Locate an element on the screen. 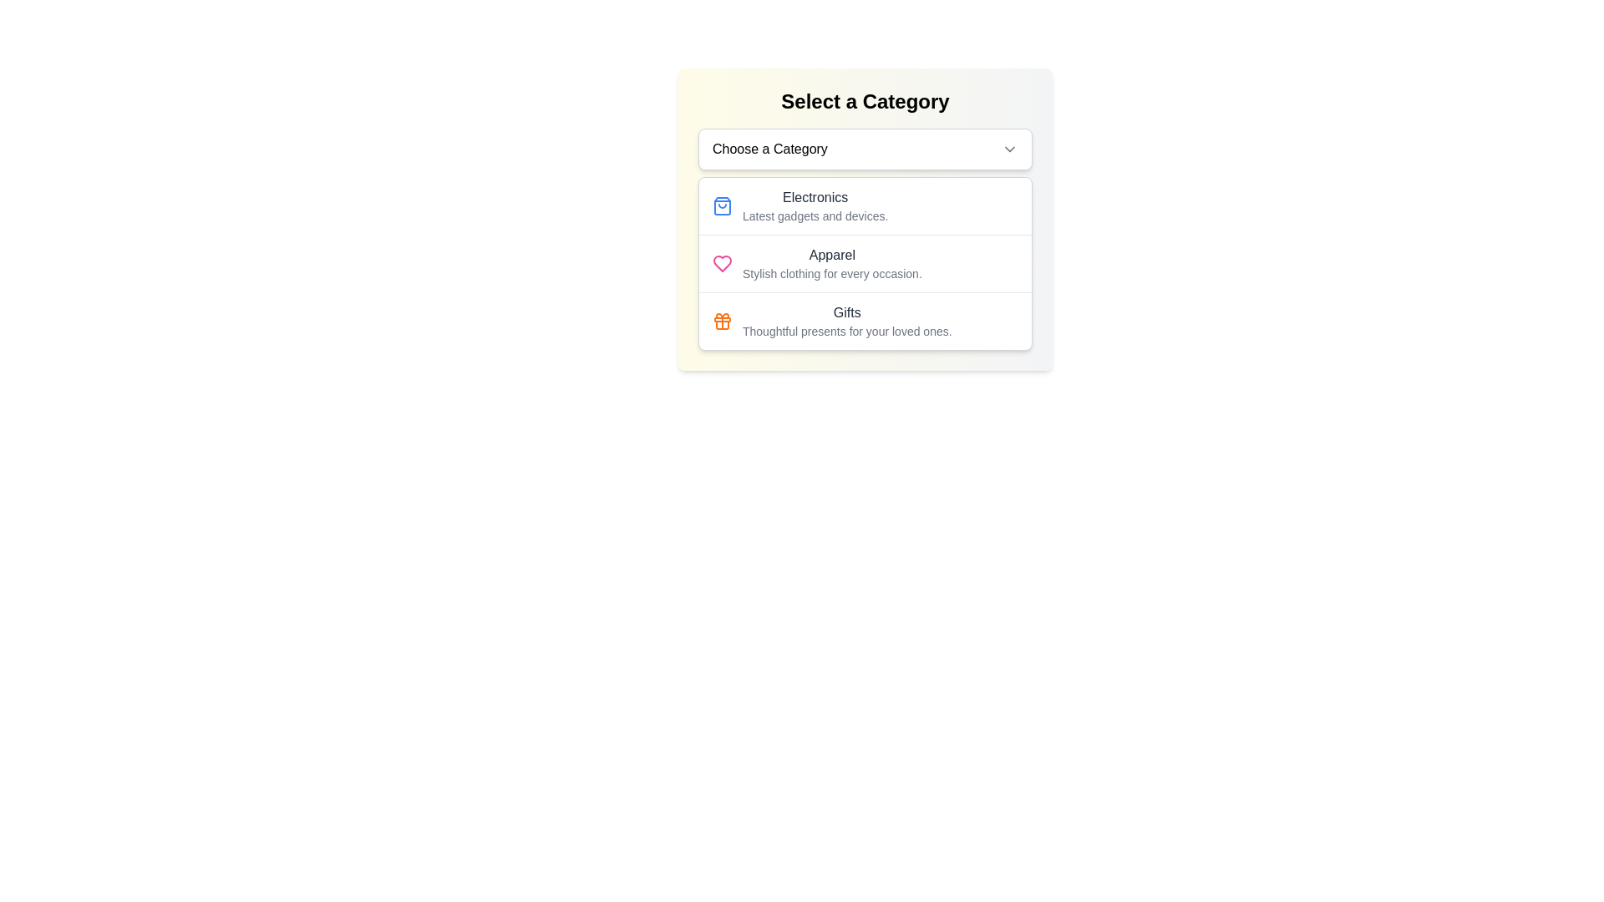 Image resolution: width=1604 pixels, height=902 pixels. the text label displaying 'Electronics' for accessibility navigation is located at coordinates (815, 196).